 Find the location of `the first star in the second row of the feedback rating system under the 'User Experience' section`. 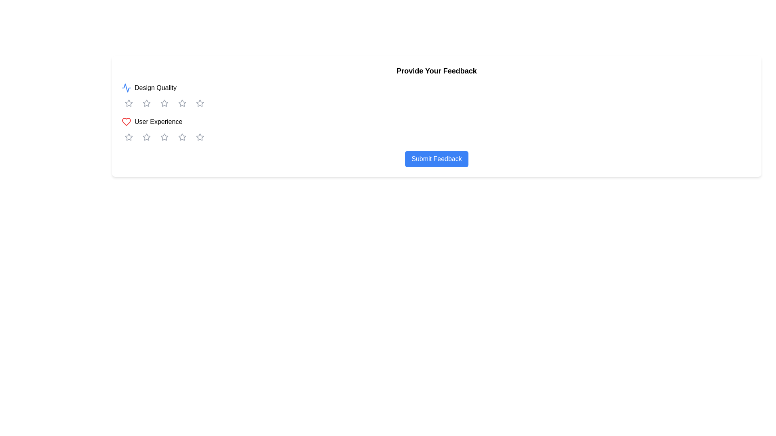

the first star in the second row of the feedback rating system under the 'User Experience' section is located at coordinates (128, 136).